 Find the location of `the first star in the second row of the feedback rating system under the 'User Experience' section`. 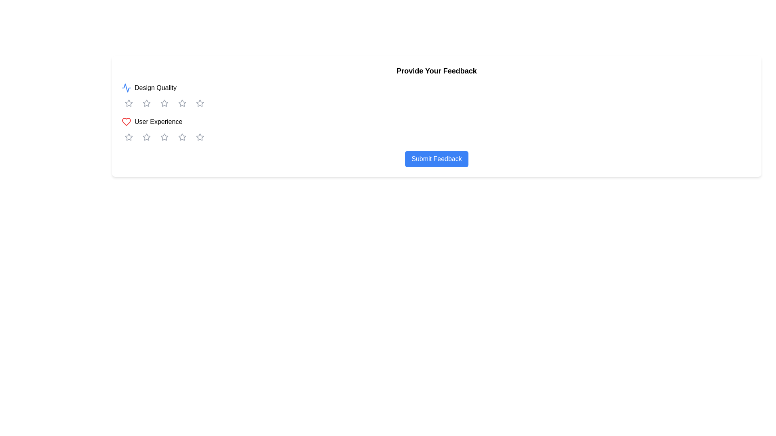

the first star in the second row of the feedback rating system under the 'User Experience' section is located at coordinates (128, 136).